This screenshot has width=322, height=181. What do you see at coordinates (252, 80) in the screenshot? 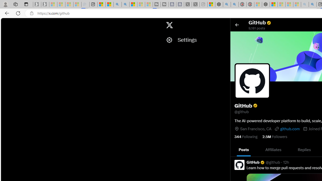
I see `'Square profile picture and Opens profile photo'` at bounding box center [252, 80].